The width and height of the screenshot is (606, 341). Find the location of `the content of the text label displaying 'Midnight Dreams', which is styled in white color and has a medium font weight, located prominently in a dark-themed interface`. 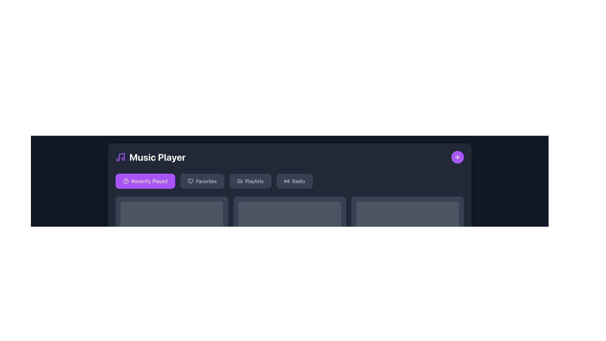

the content of the text label displaying 'Midnight Dreams', which is styled in white color and has a medium font weight, located prominently in a dark-themed interface is located at coordinates (140, 313).